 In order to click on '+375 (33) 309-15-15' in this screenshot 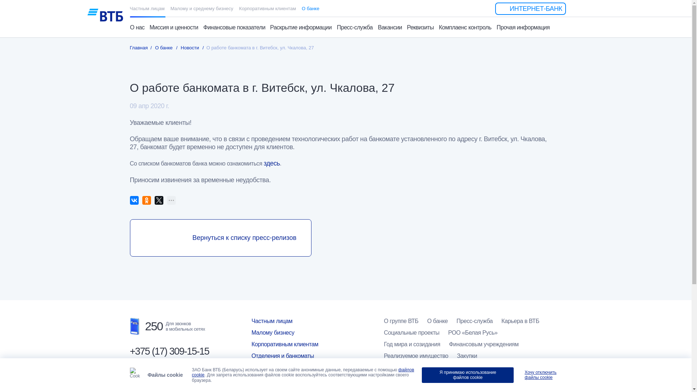, I will do `click(169, 378)`.